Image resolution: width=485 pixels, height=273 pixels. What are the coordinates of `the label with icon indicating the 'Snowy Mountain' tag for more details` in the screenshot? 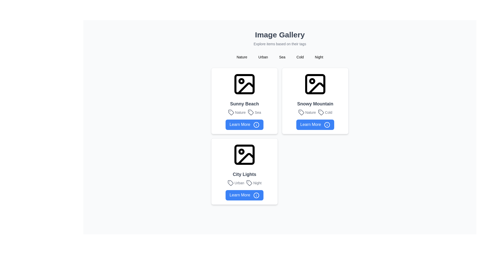 It's located at (325, 112).